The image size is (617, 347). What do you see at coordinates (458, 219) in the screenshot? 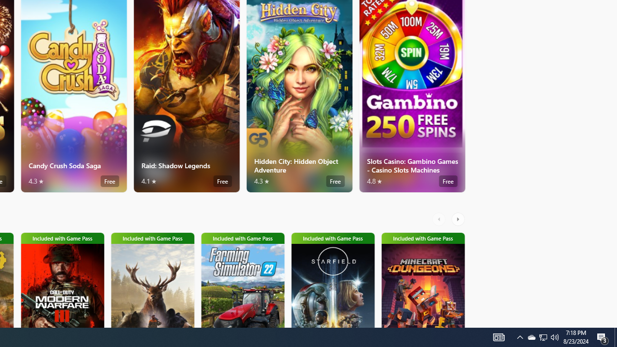
I see `'AutomationID: RightScrollButton'` at bounding box center [458, 219].